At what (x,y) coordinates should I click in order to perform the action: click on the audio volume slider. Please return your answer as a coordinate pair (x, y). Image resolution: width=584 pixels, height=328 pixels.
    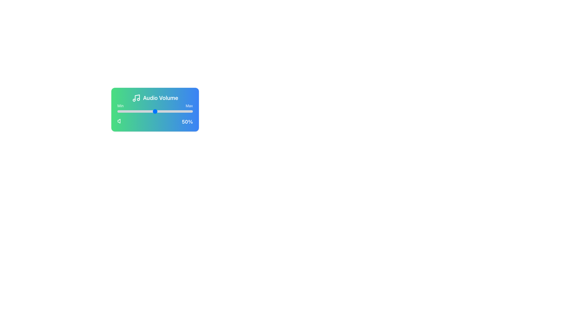
    Looking at the image, I should click on (184, 111).